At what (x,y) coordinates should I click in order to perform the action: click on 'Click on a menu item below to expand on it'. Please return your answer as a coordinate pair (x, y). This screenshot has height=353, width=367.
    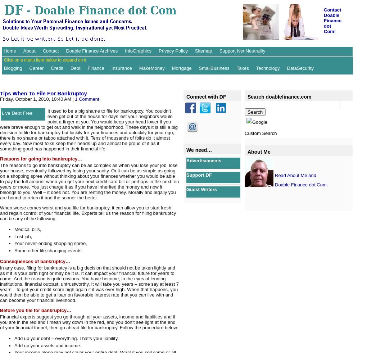
    Looking at the image, I should click on (44, 59).